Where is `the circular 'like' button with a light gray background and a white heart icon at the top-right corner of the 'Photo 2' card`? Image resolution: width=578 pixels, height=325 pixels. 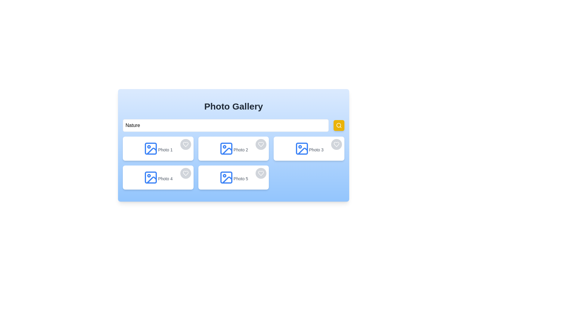 the circular 'like' button with a light gray background and a white heart icon at the top-right corner of the 'Photo 2' card is located at coordinates (261, 144).